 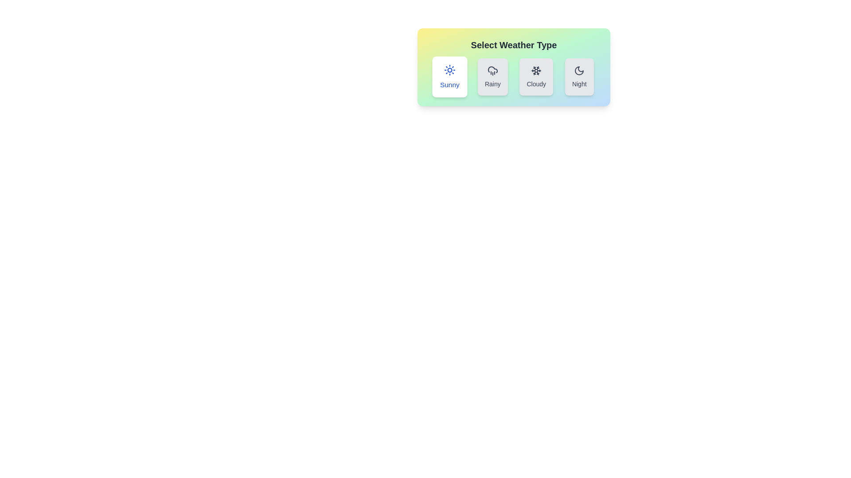 What do you see at coordinates (450, 76) in the screenshot?
I see `the button corresponding to Sunny` at bounding box center [450, 76].